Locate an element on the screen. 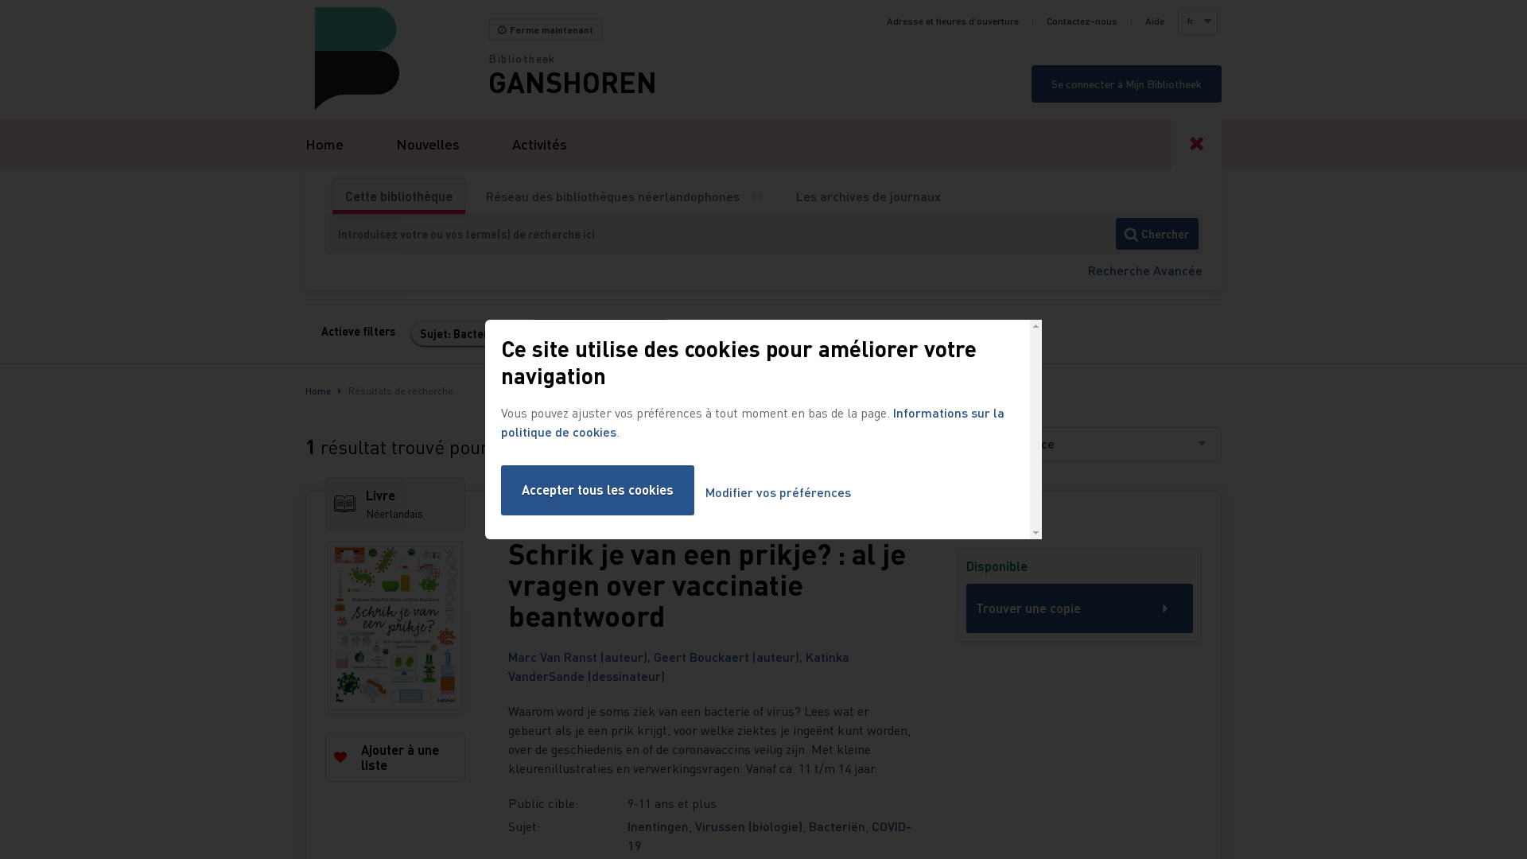 This screenshot has height=859, width=1527. 'Accepter tous les cookies' is located at coordinates (499, 489).